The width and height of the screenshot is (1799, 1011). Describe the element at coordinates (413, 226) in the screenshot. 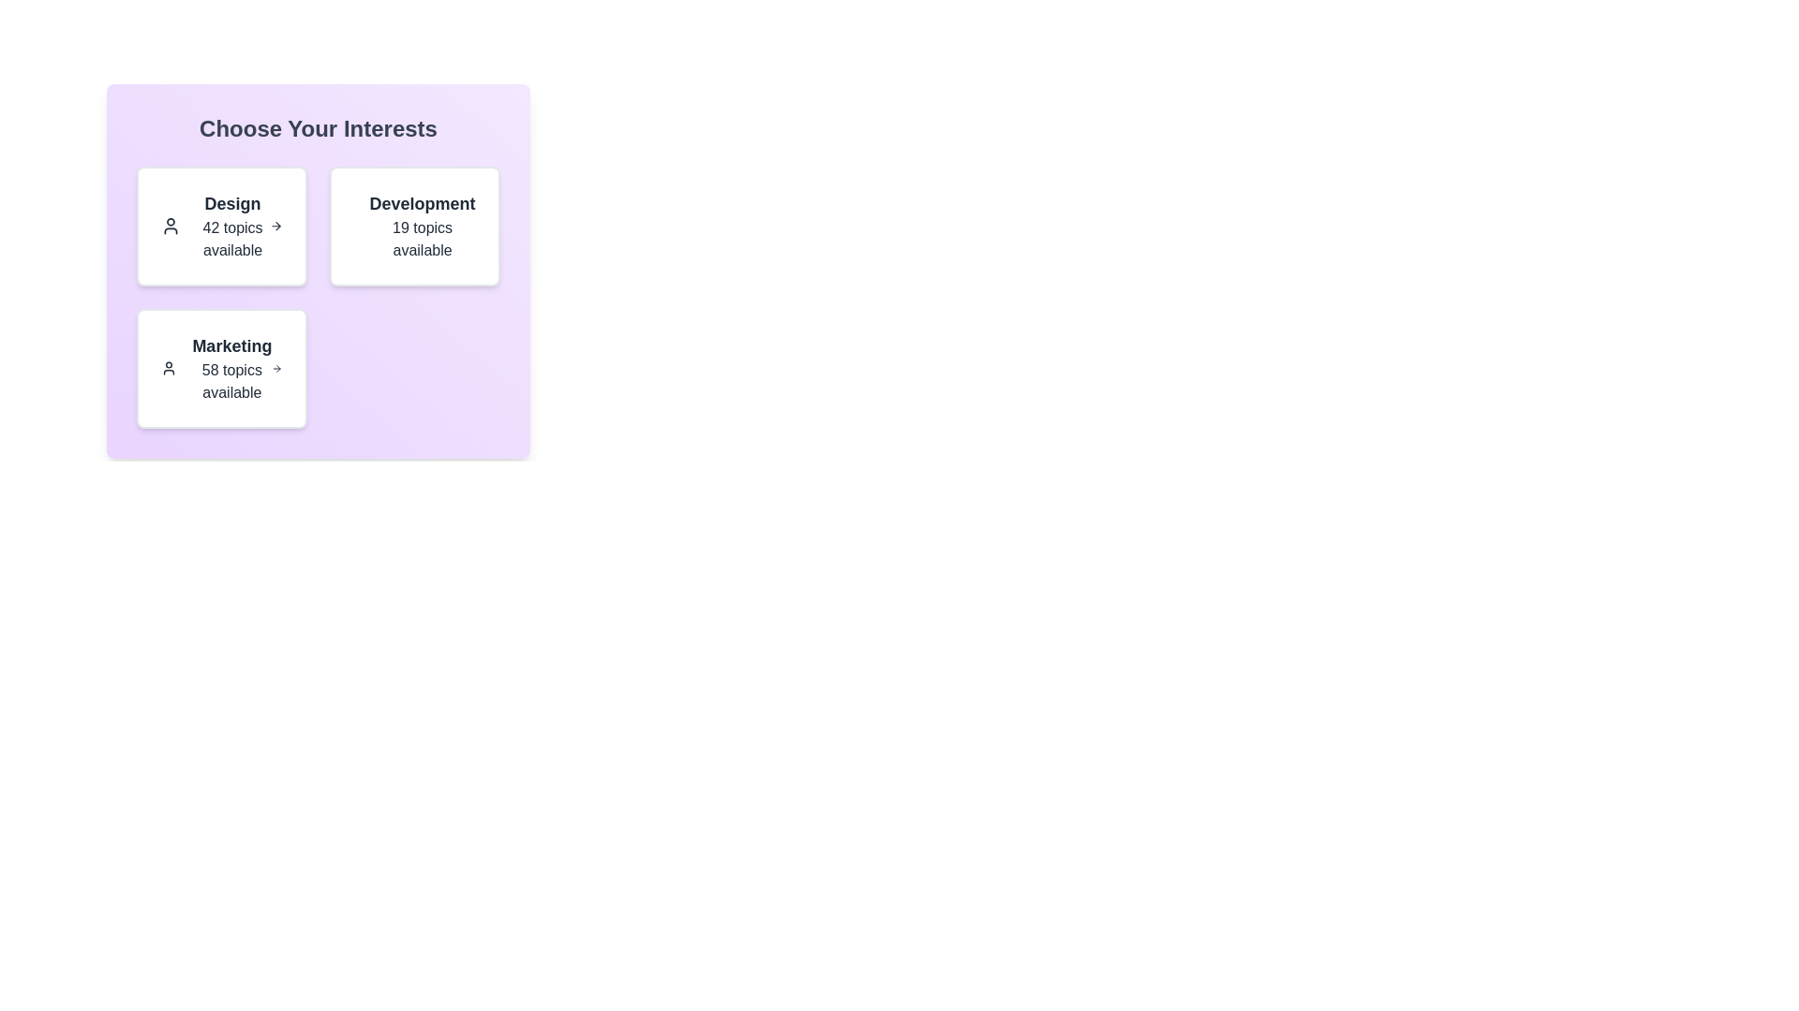

I see `the chip card corresponding to Development` at that location.